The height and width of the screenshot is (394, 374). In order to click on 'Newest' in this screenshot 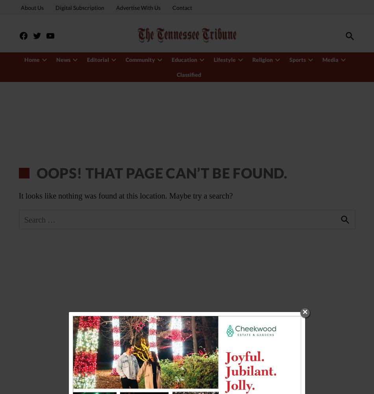, I will do `click(71, 56)`.